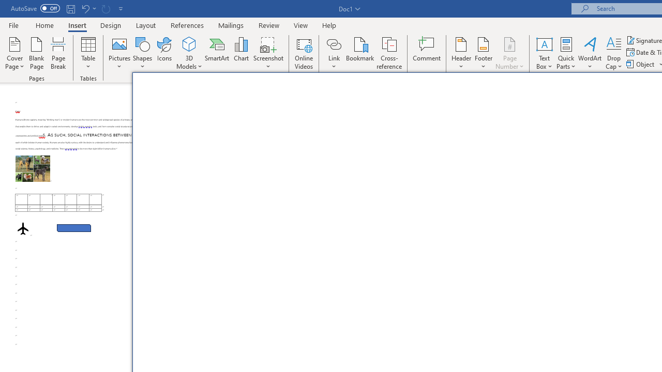  I want to click on 'Link', so click(334, 43).